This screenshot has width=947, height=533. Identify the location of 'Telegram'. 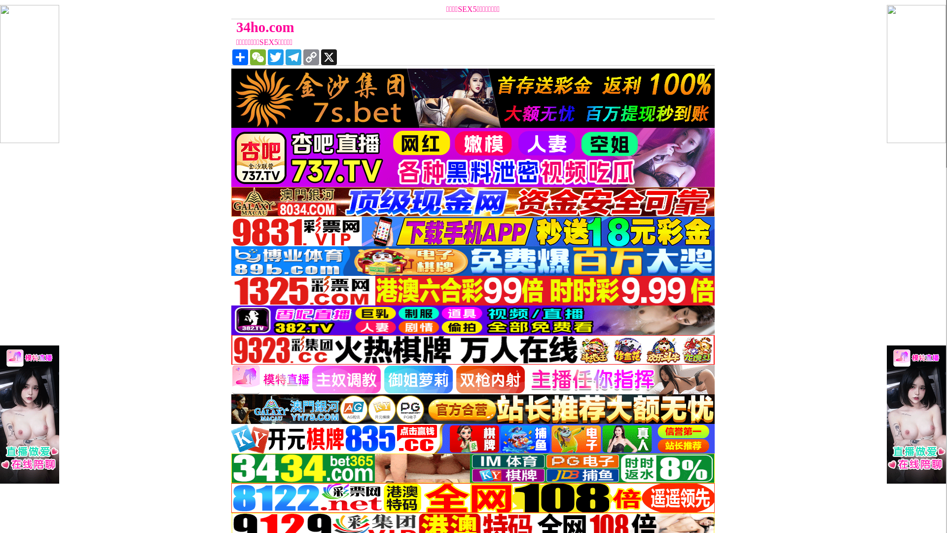
(293, 57).